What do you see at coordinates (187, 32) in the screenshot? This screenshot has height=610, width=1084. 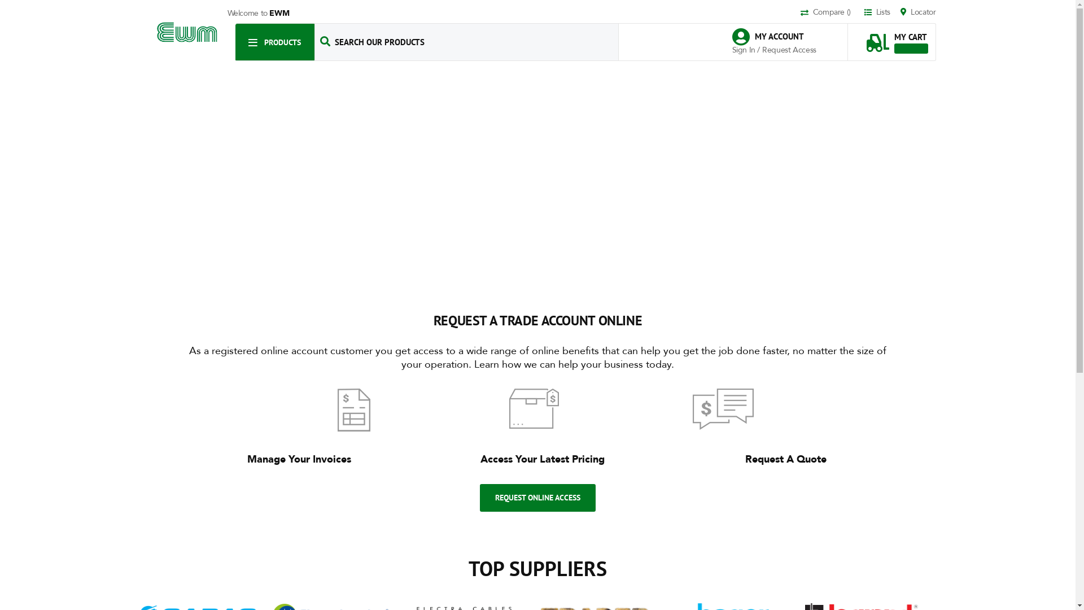 I see `'EWM Electrical'` at bounding box center [187, 32].